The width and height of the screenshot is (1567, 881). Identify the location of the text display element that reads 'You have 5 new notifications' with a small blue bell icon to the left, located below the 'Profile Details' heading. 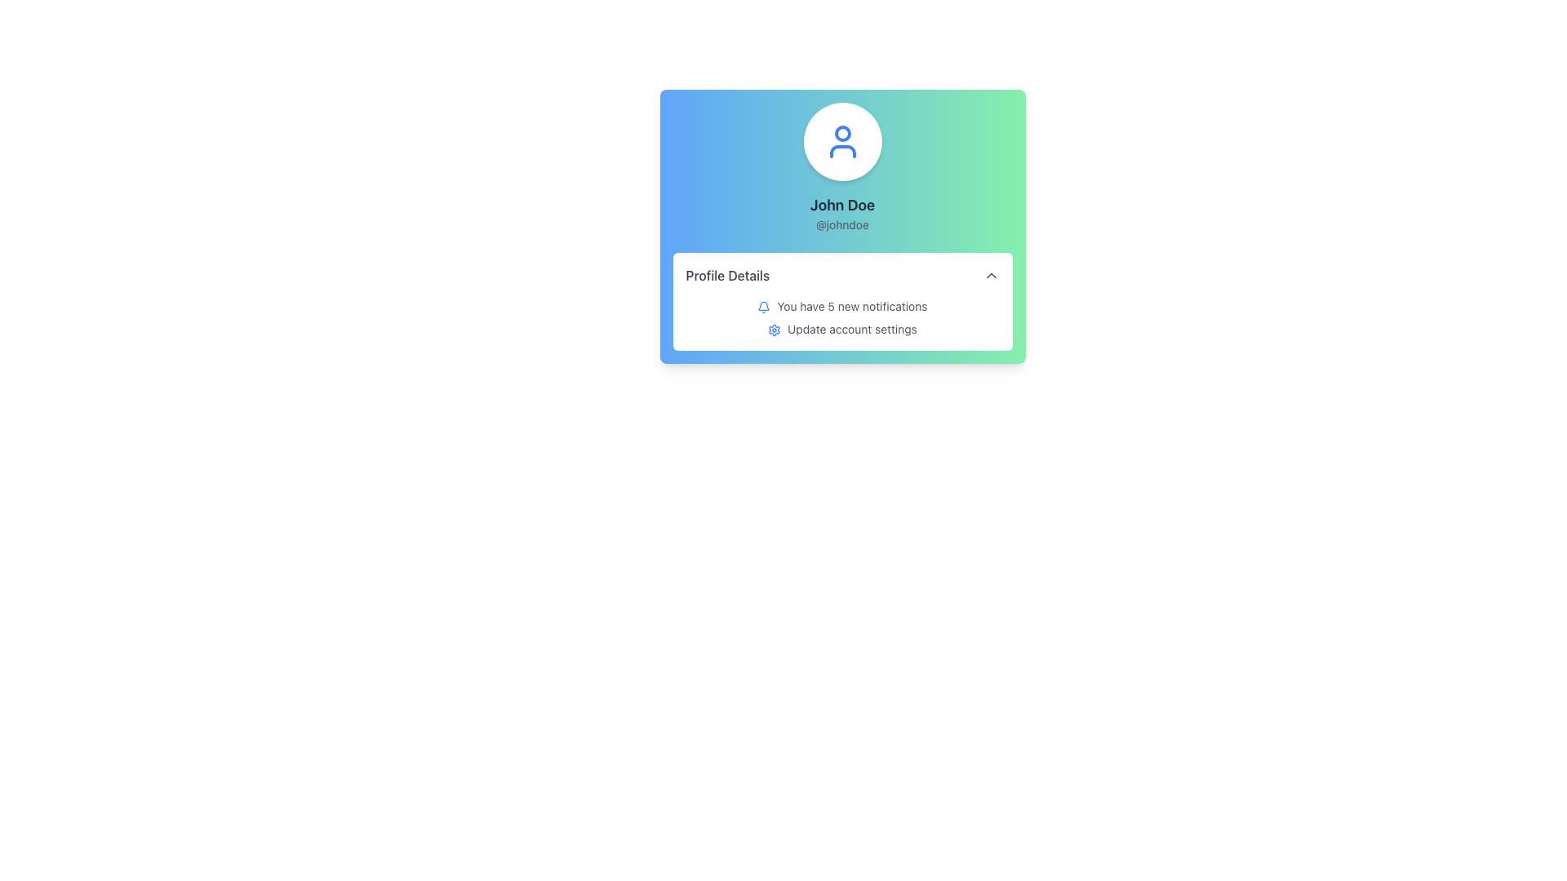
(842, 306).